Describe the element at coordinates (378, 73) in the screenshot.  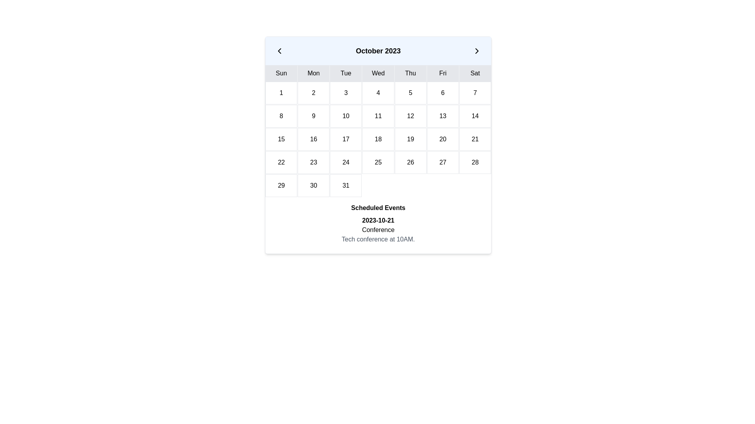
I see `the header row of weekdays in the calendar located below 'October 2023'` at that location.